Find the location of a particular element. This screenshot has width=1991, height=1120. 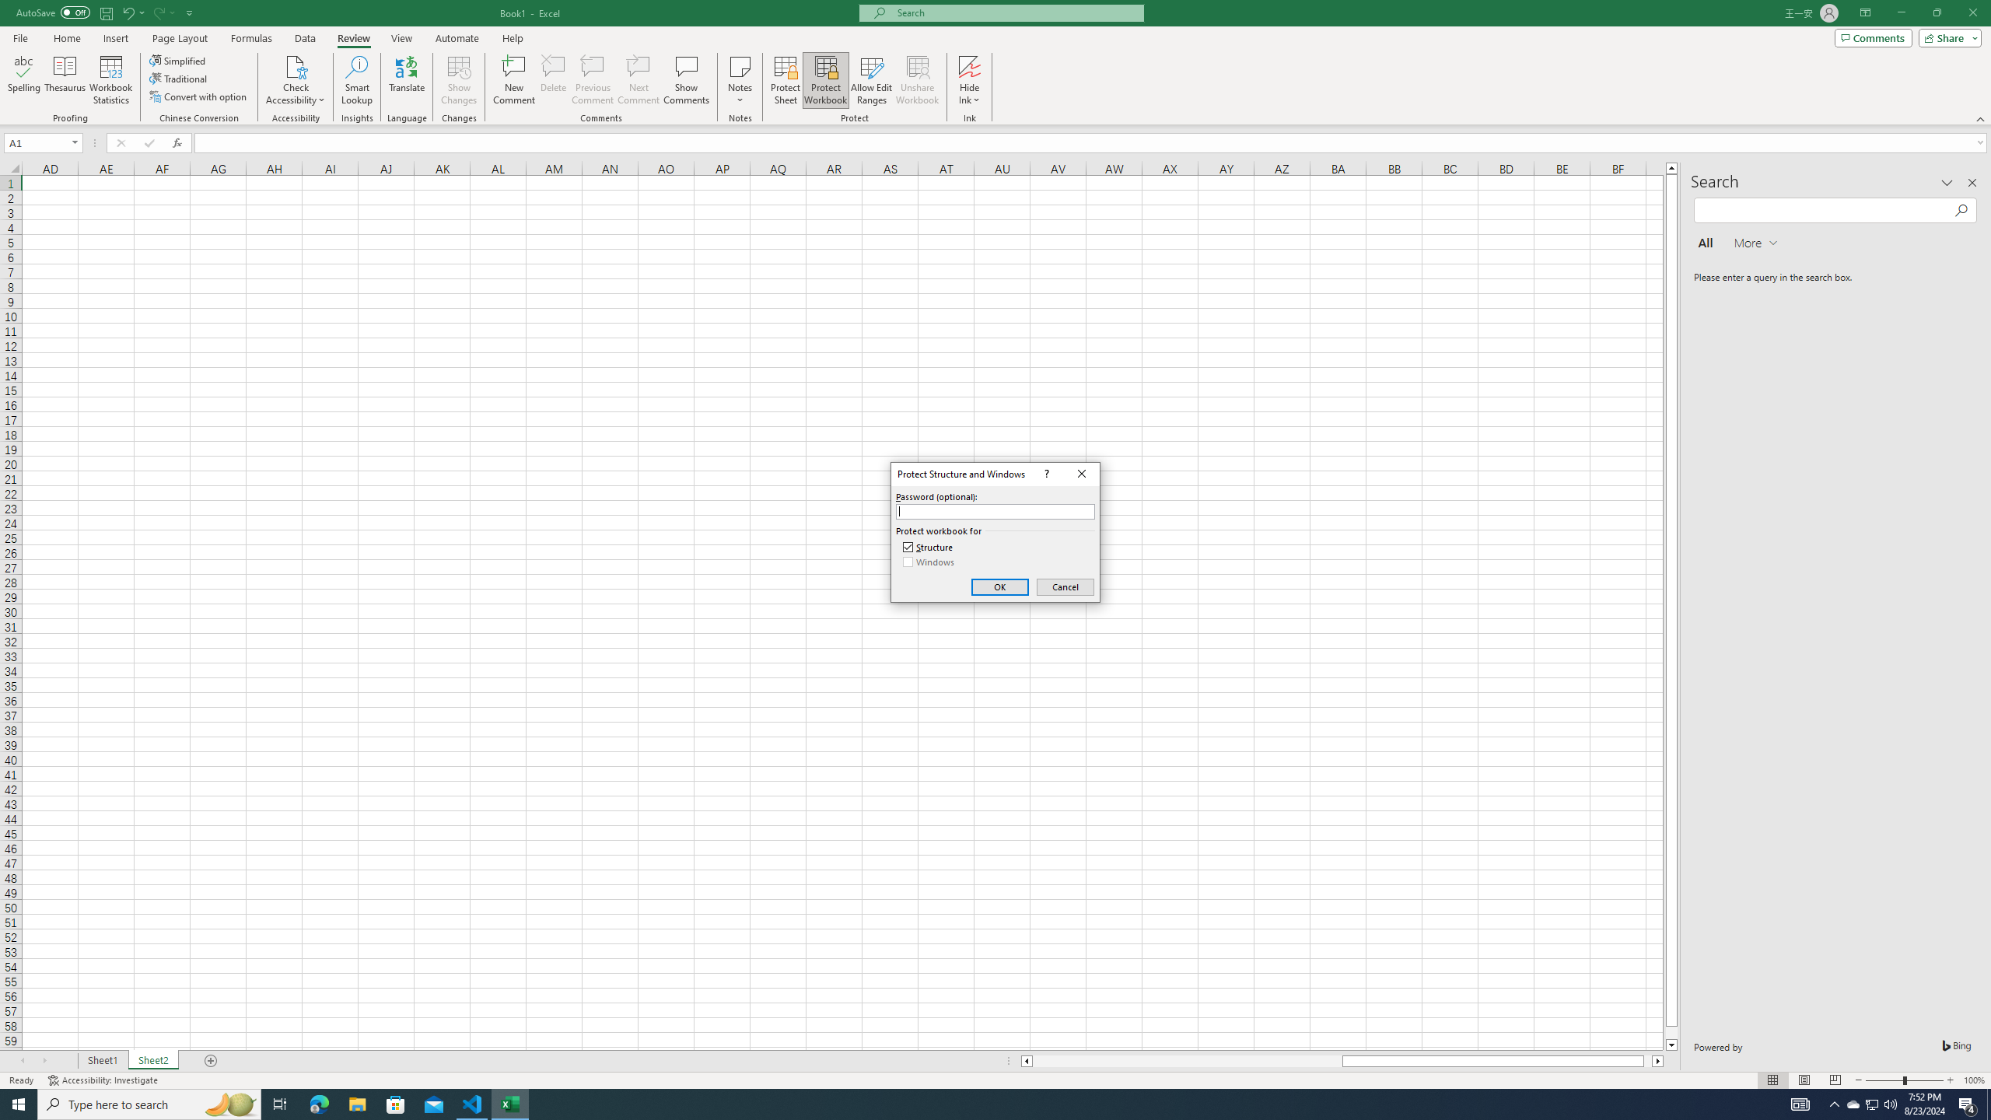

'Q2790: 100%' is located at coordinates (1889, 1103).